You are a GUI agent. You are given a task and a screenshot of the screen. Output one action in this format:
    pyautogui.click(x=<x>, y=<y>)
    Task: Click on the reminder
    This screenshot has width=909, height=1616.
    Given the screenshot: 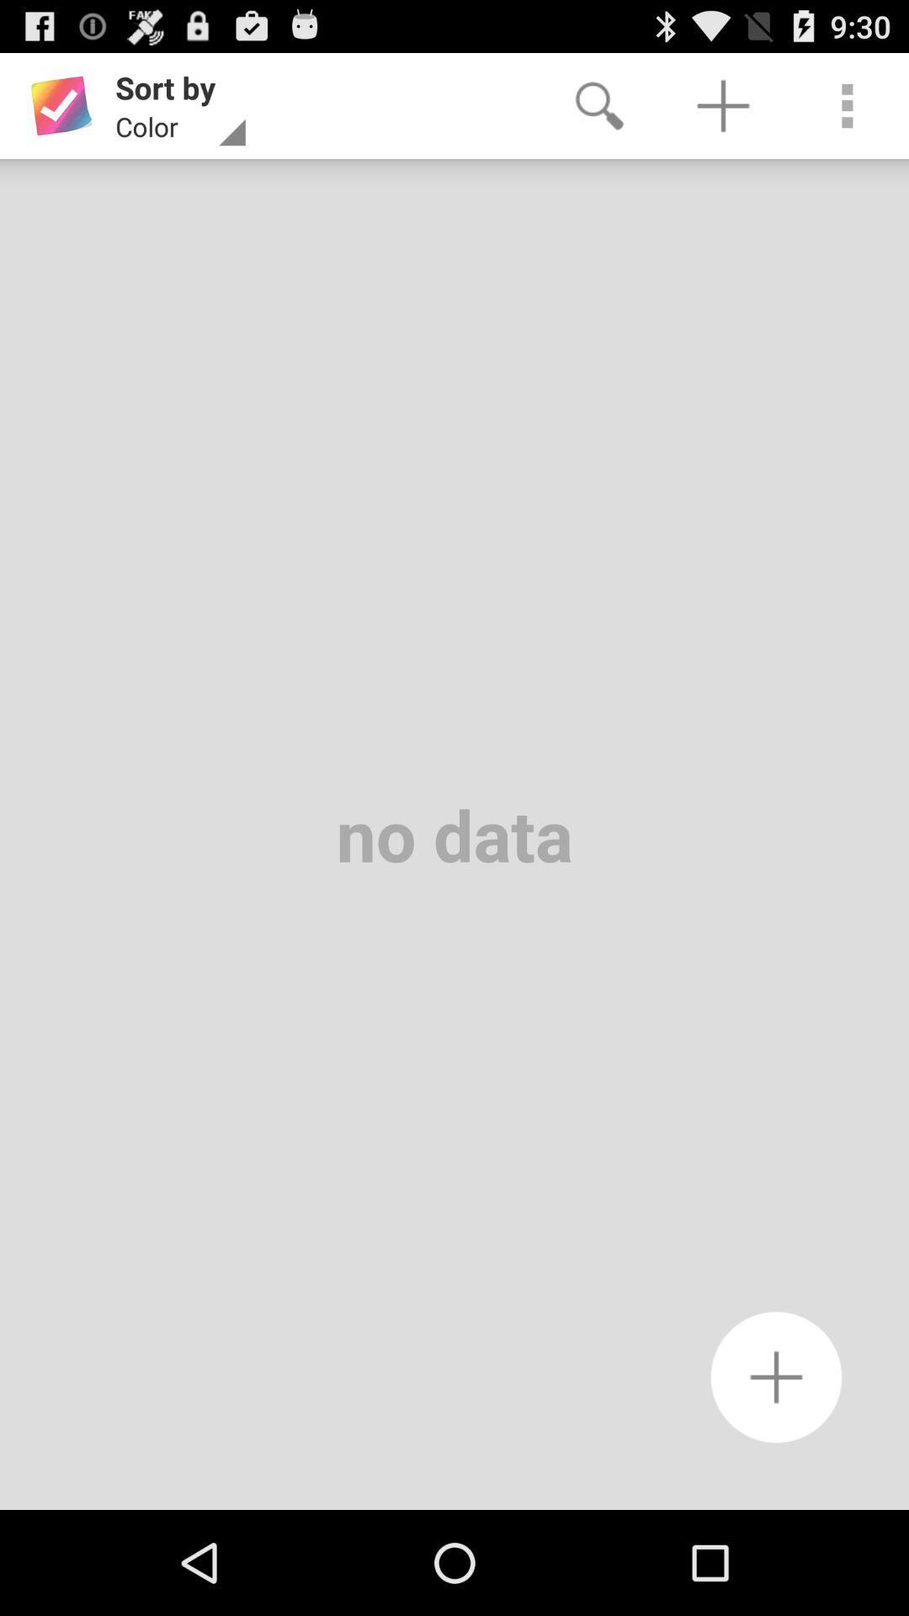 What is the action you would take?
    pyautogui.click(x=776, y=1377)
    